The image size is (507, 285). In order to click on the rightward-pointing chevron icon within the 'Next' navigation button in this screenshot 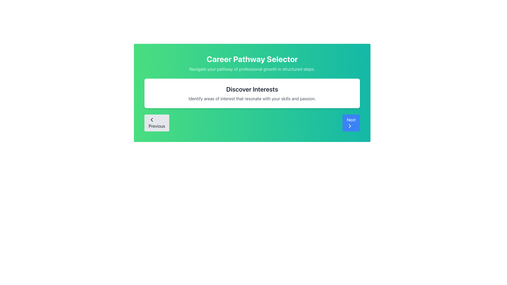, I will do `click(350, 126)`.